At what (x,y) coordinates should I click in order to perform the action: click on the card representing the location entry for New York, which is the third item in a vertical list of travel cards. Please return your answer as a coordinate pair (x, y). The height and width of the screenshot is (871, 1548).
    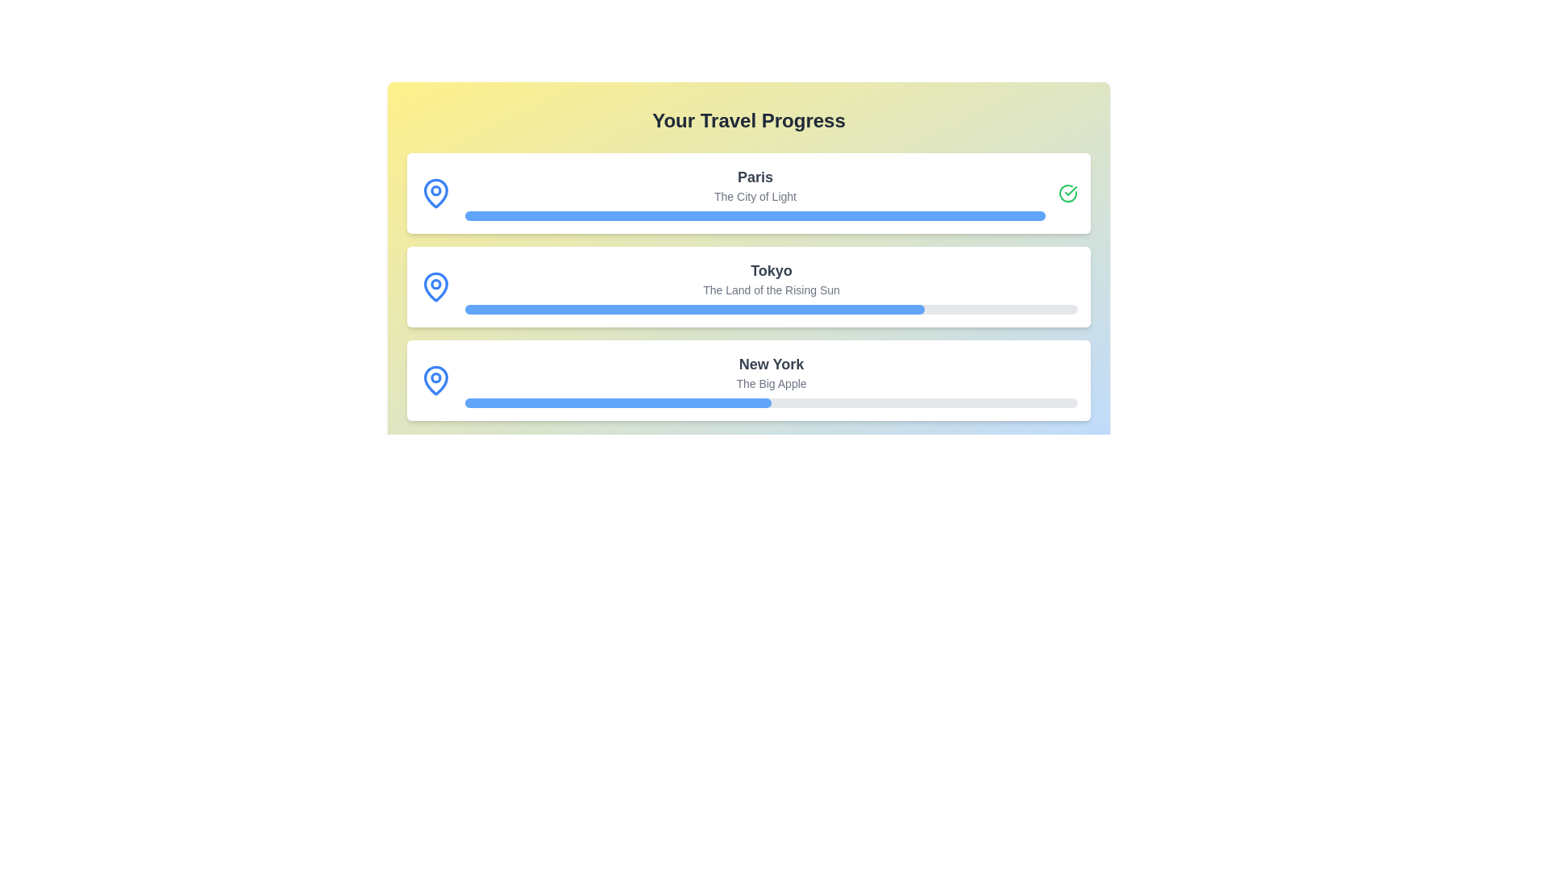
    Looking at the image, I should click on (748, 380).